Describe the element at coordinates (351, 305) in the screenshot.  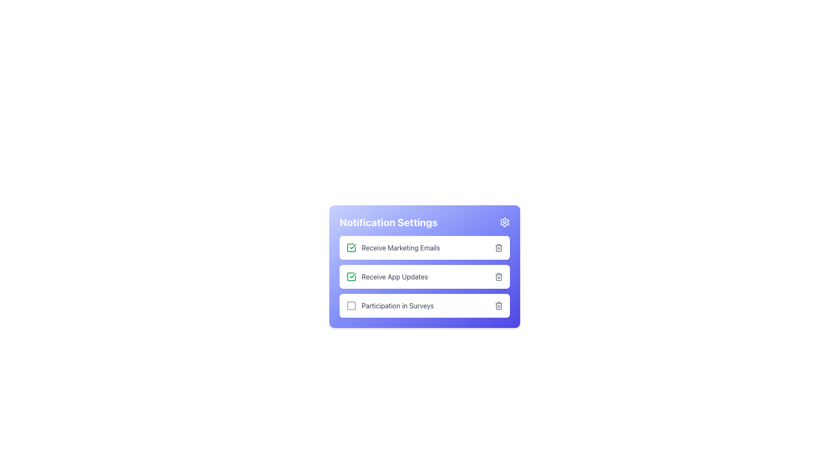
I see `the checkbox for 'Participation in Surveys'` at that location.